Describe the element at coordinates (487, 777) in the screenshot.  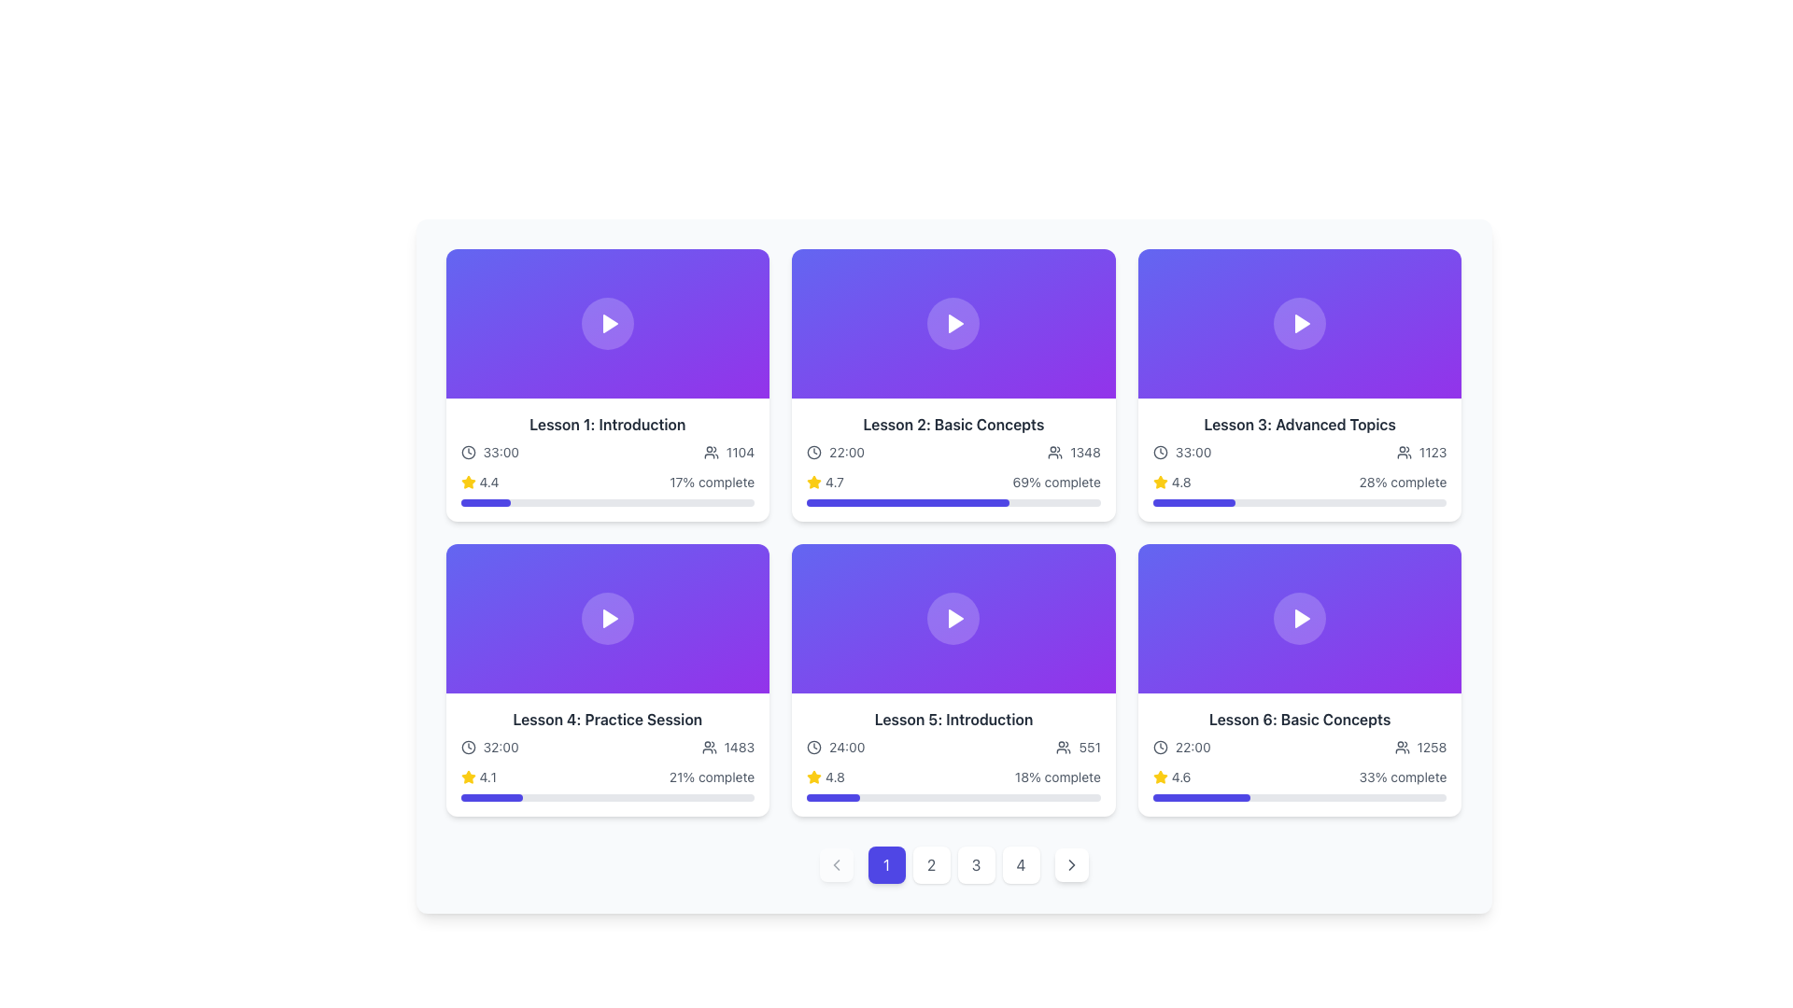
I see `the text label '4.1' styled in gray, which represents a rating score, located to the right of the yellow star icon in the card layout for 'Lesson 4: Practice Session'` at that location.